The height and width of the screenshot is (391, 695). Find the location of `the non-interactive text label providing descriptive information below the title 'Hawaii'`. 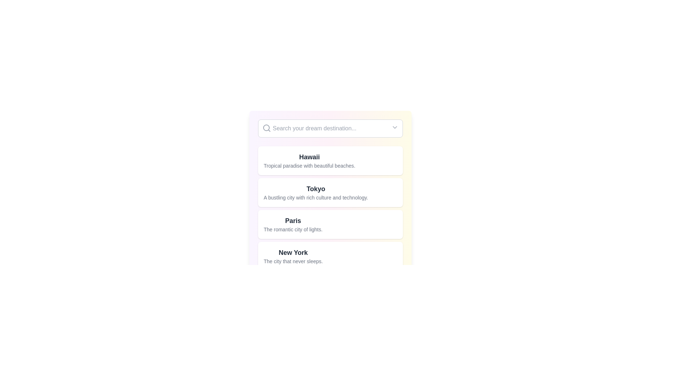

the non-interactive text label providing descriptive information below the title 'Hawaii' is located at coordinates (309, 166).